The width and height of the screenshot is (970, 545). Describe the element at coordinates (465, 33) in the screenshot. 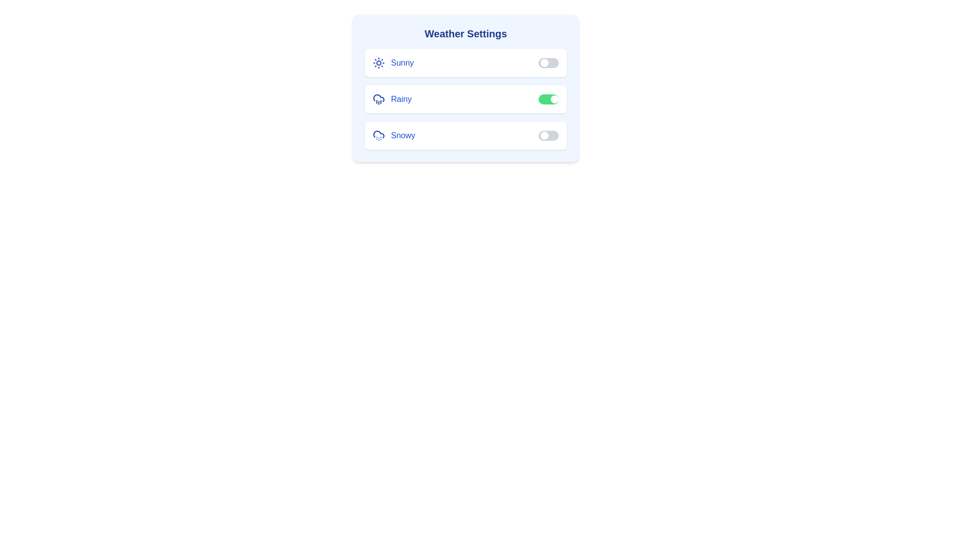

I see `the weather settings title text label, which is centered at the top of its section and indicates weather-related settings` at that location.